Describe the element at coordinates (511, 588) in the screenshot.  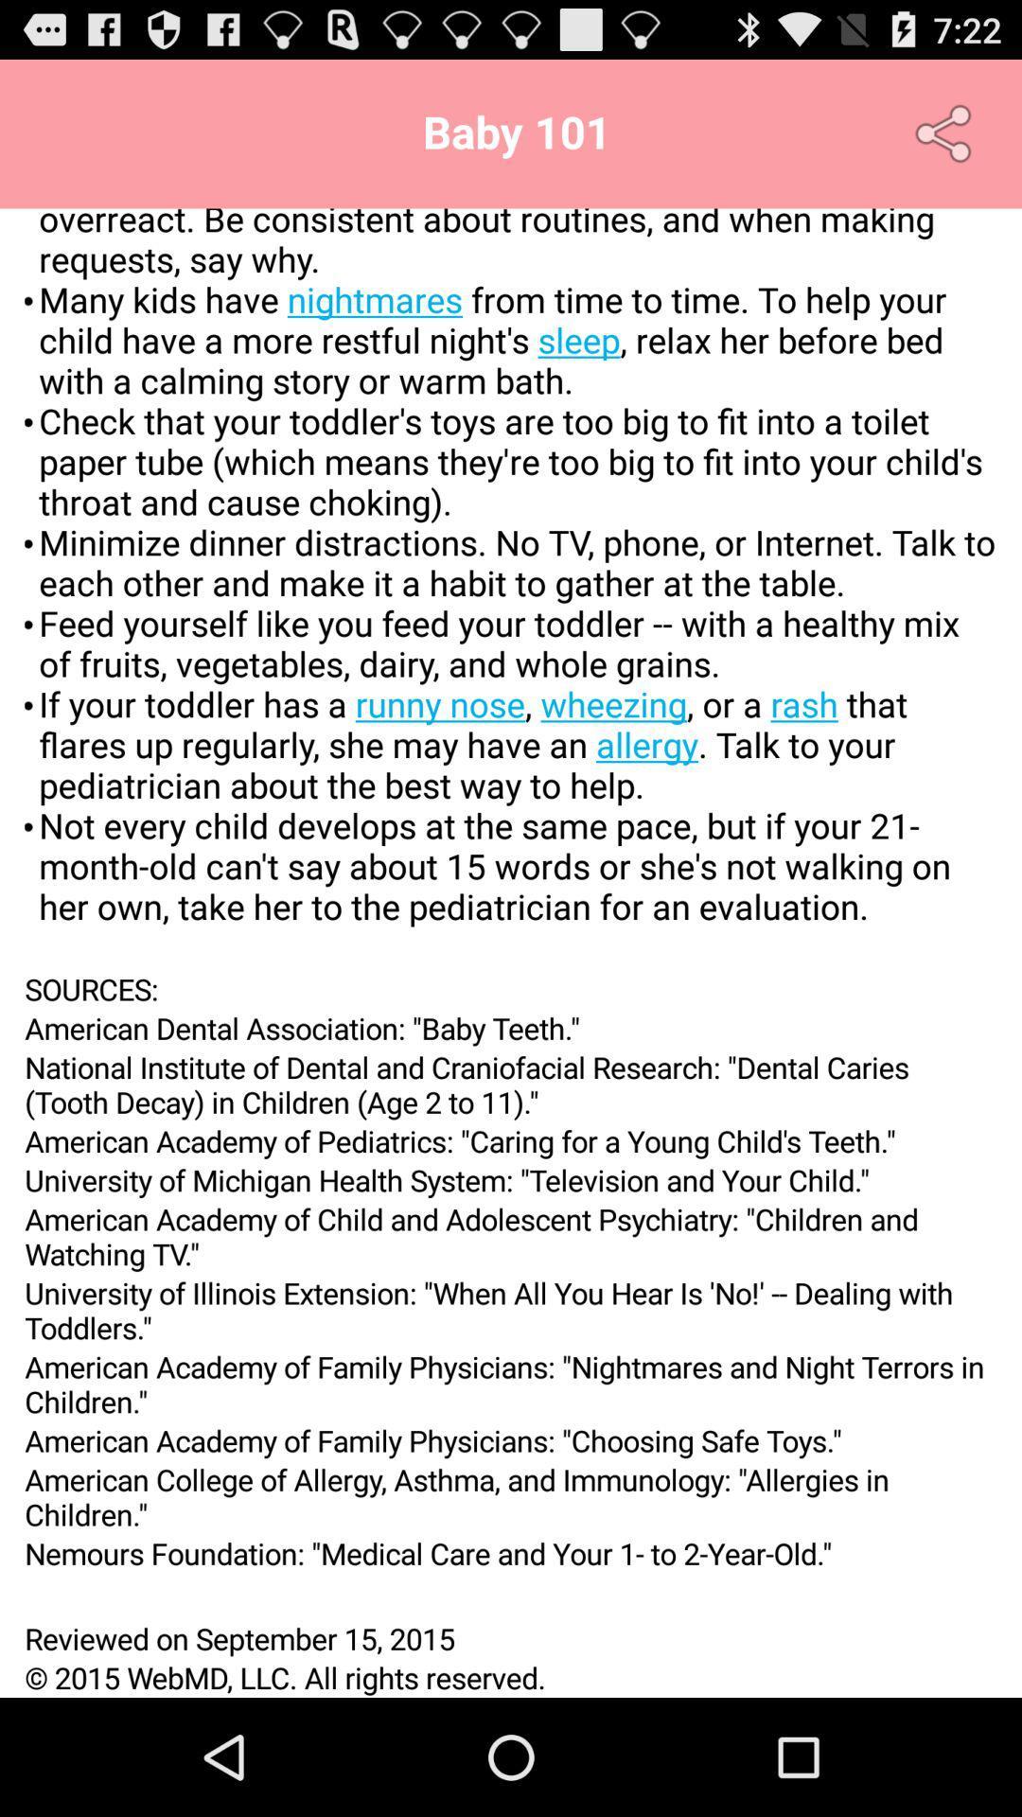
I see `month 21 tips item` at that location.